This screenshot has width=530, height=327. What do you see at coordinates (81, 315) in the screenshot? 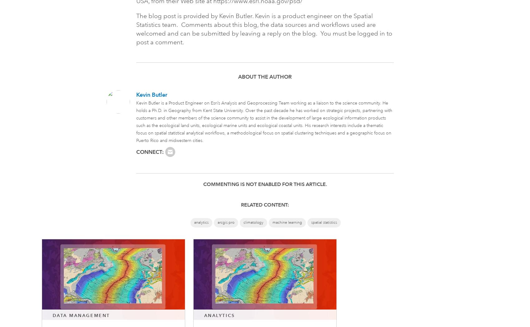
I see `'Data Management'` at bounding box center [81, 315].